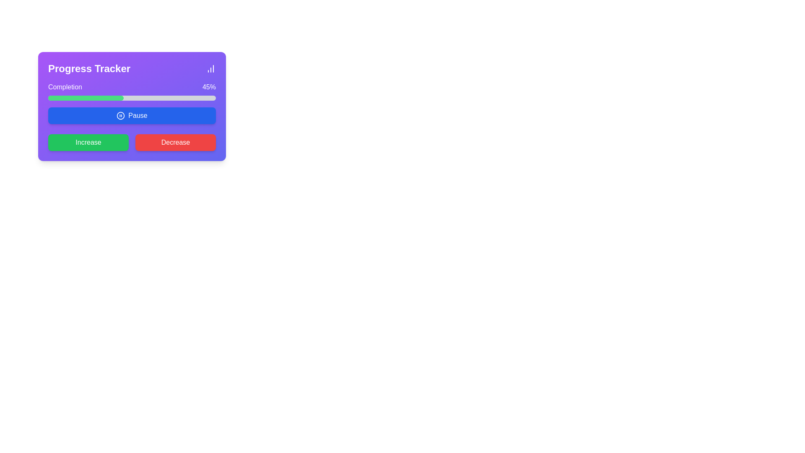 This screenshot has width=805, height=453. What do you see at coordinates (132, 98) in the screenshot?
I see `the progress bar that visually indicates the progress of a task, located below the 'Completion' text and above the 'Pause' button` at bounding box center [132, 98].